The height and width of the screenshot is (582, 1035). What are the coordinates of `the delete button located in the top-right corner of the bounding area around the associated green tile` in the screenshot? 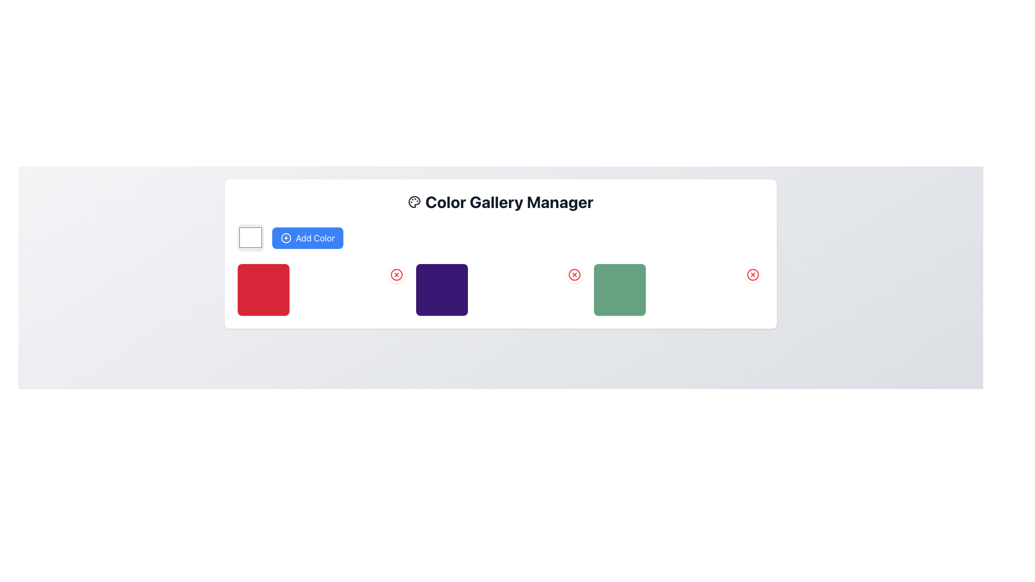 It's located at (574, 274).